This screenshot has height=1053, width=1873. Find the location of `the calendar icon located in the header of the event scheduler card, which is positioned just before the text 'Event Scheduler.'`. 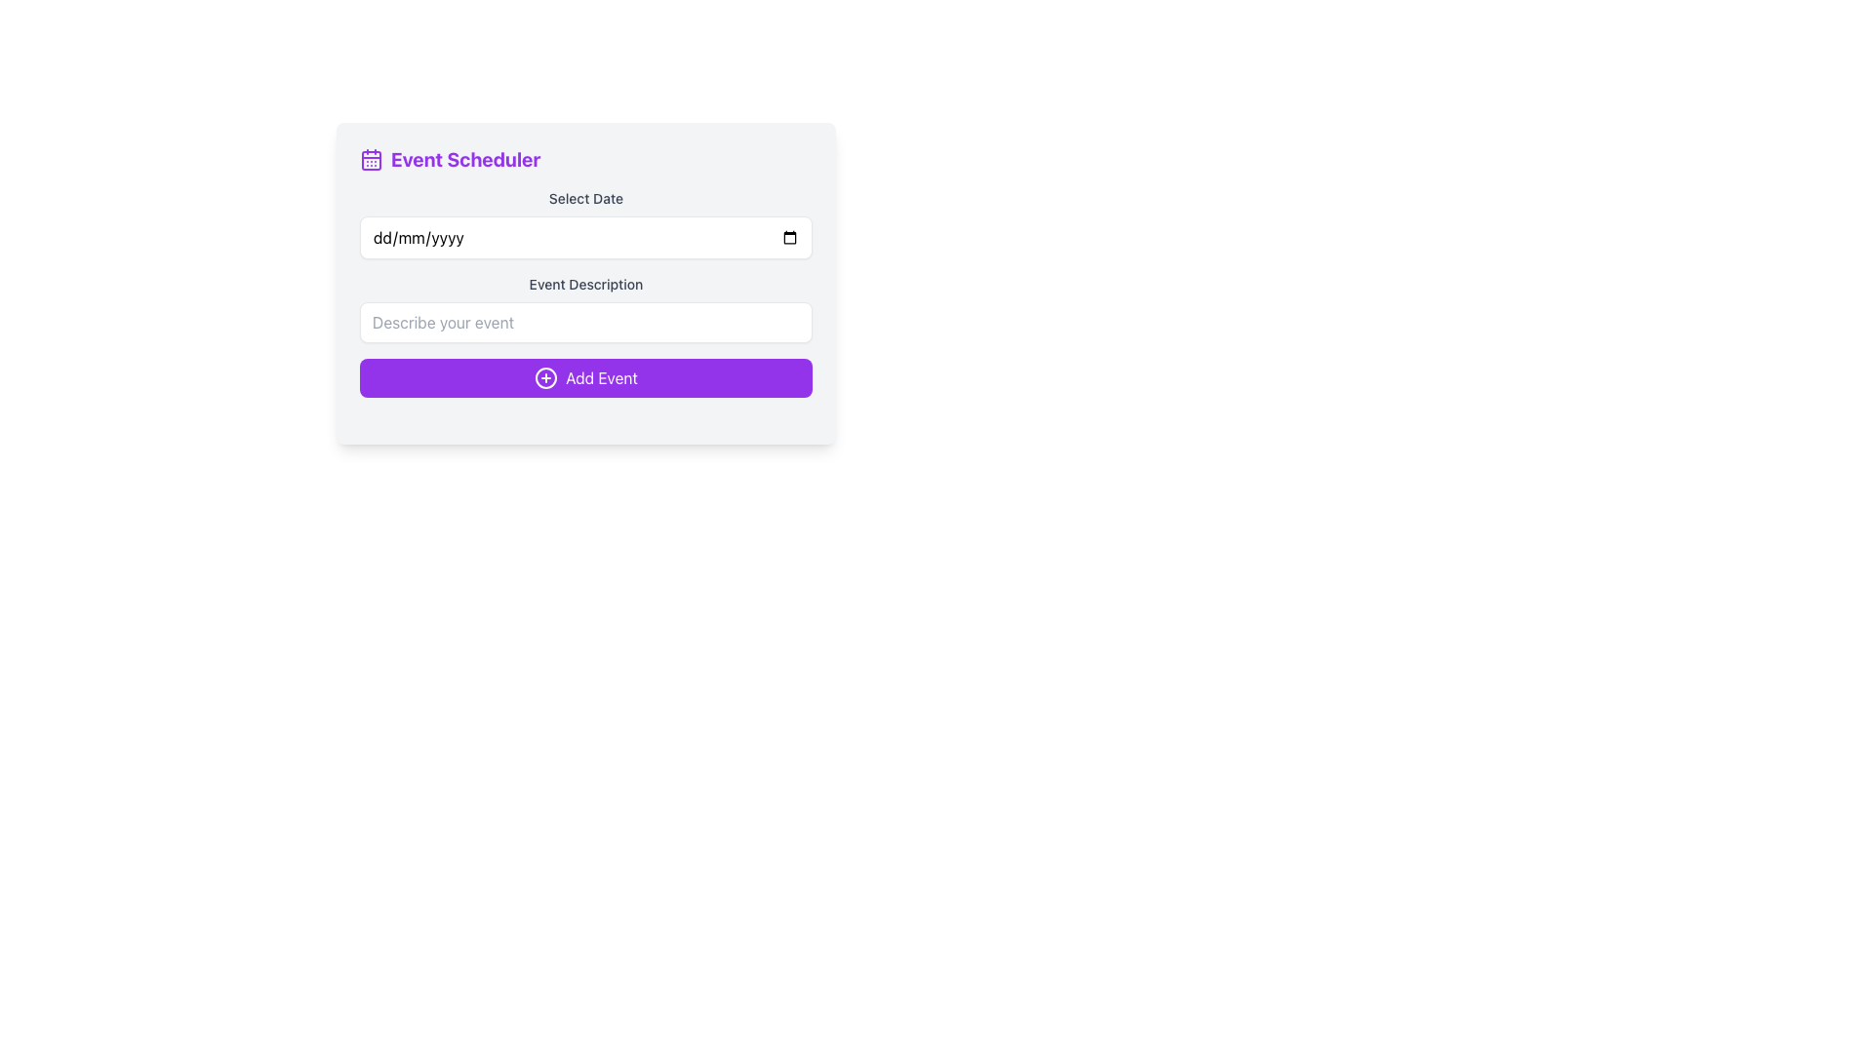

the calendar icon located in the header of the event scheduler card, which is positioned just before the text 'Event Scheduler.' is located at coordinates (371, 159).